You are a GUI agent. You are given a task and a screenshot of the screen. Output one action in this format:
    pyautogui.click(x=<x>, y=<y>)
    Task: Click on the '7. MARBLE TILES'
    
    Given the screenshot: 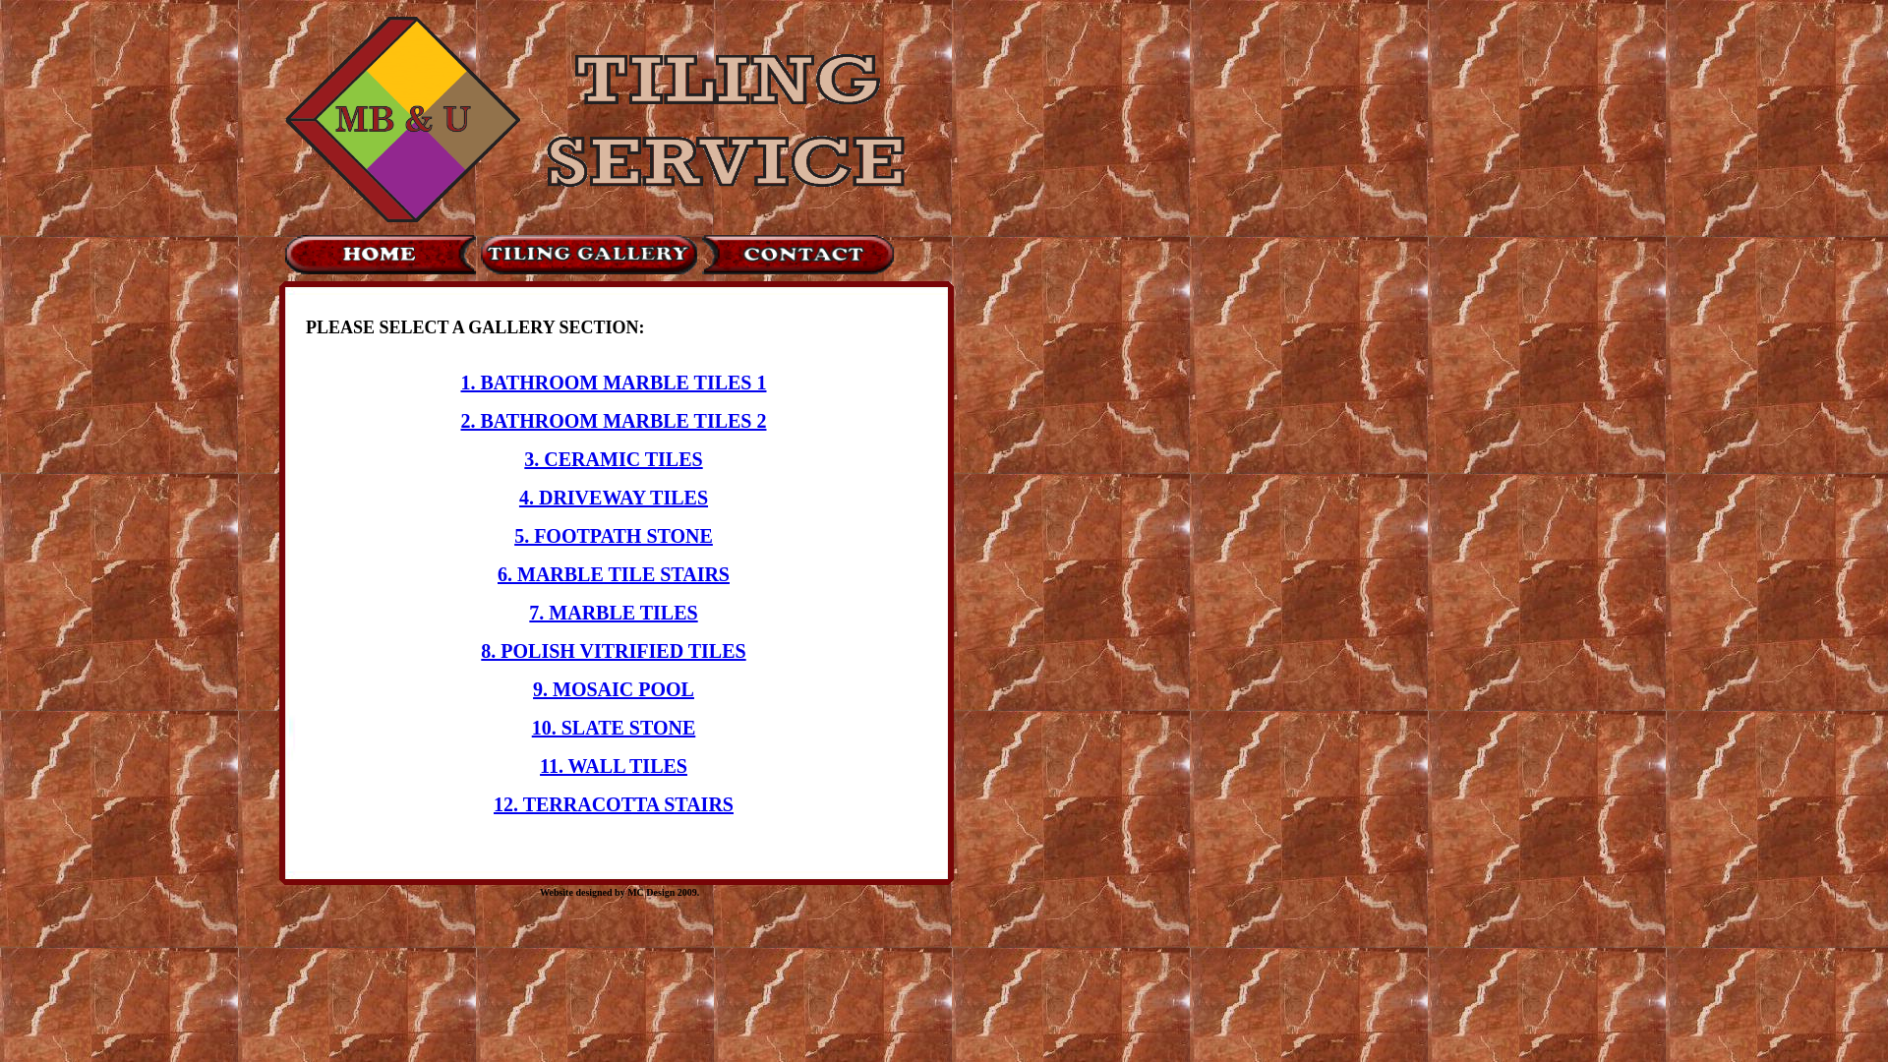 What is the action you would take?
    pyautogui.click(x=612, y=612)
    